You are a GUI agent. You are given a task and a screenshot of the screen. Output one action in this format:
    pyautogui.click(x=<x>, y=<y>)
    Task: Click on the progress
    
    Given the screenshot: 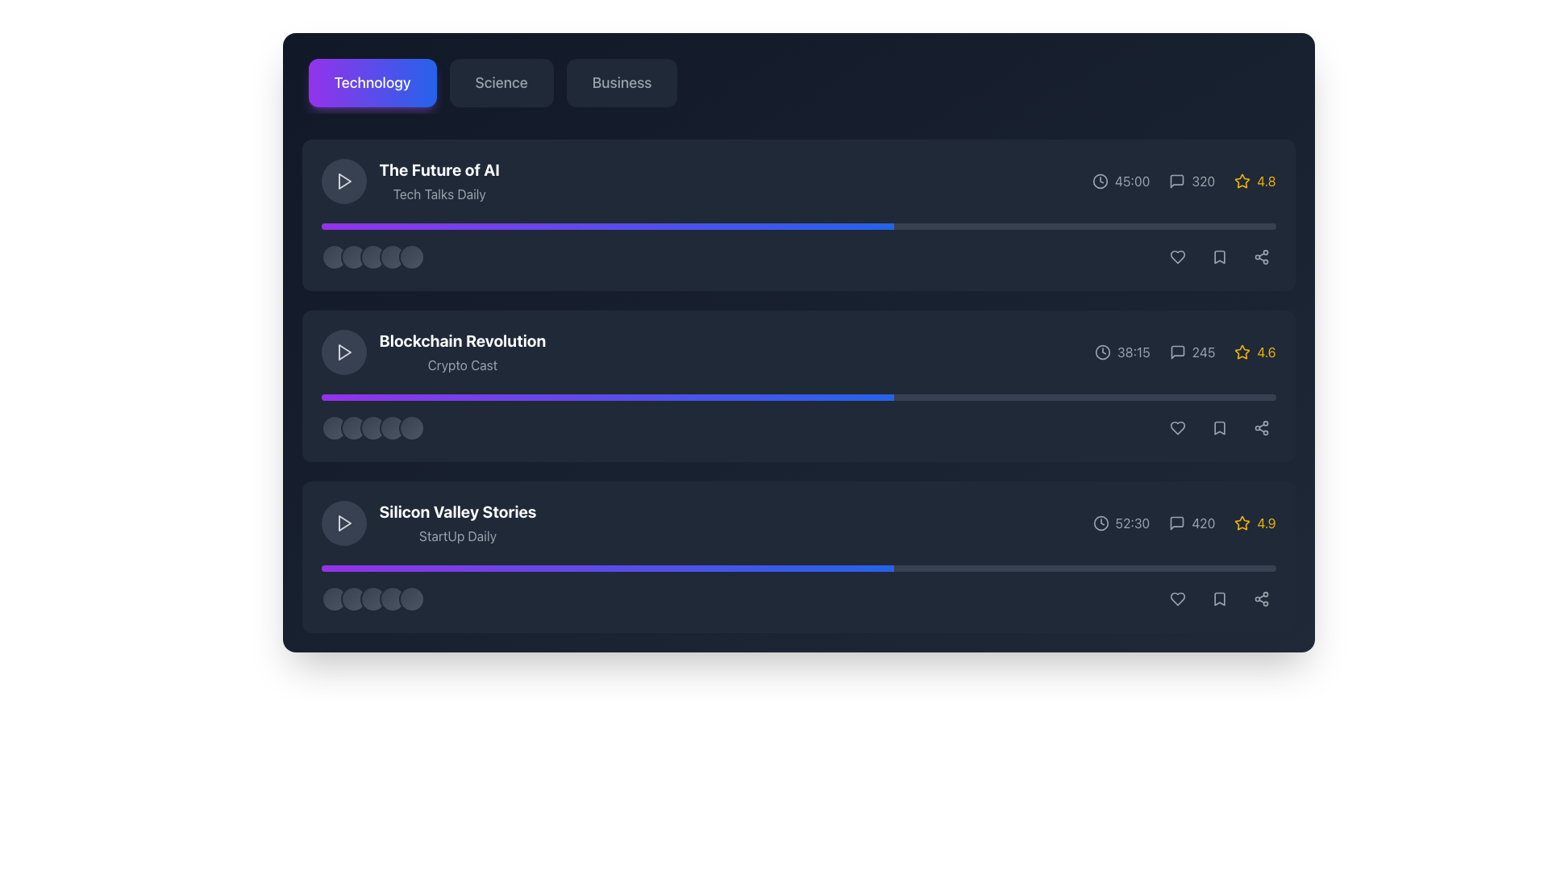 What is the action you would take?
    pyautogui.click(x=464, y=398)
    